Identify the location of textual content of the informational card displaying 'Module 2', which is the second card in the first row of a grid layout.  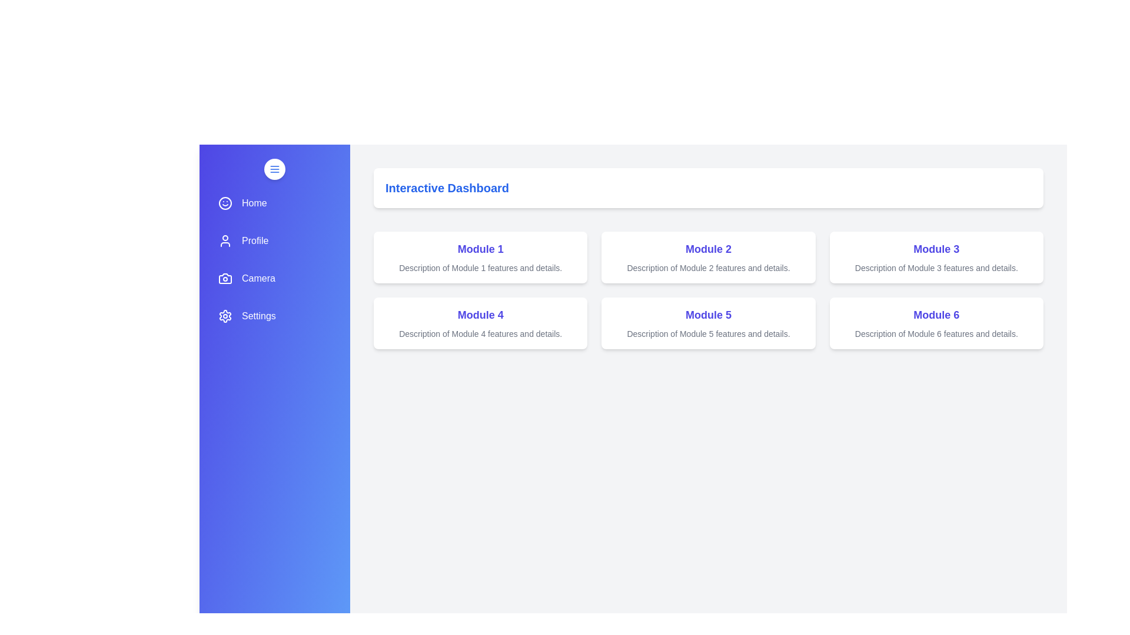
(708, 257).